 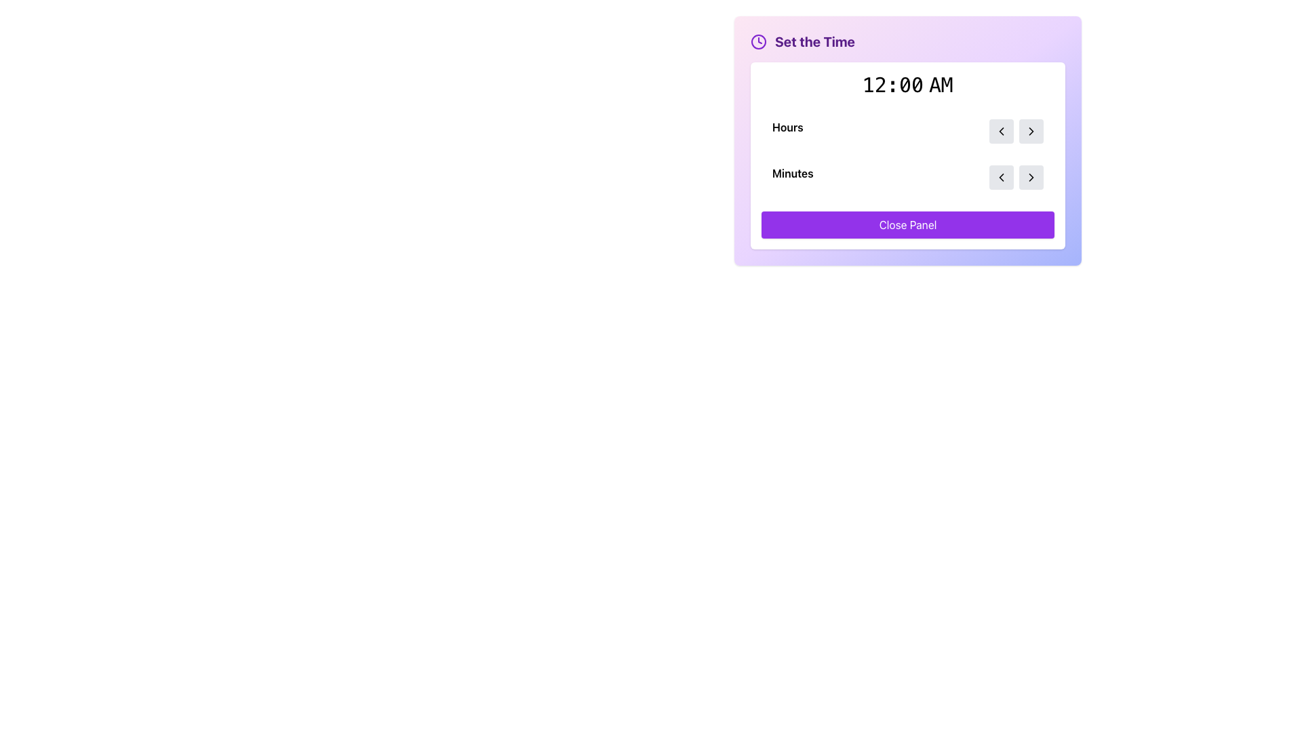 I want to click on the text label displaying 'Hours' in bold font located within a white dialog box with a purple gradient header, so click(x=787, y=131).